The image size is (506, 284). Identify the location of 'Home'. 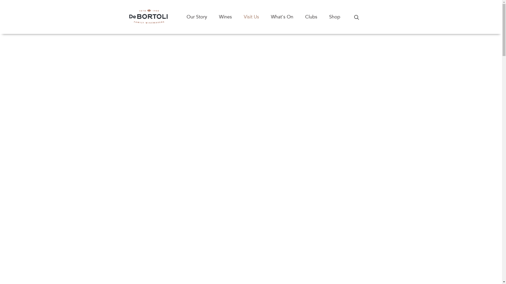
(123, 17).